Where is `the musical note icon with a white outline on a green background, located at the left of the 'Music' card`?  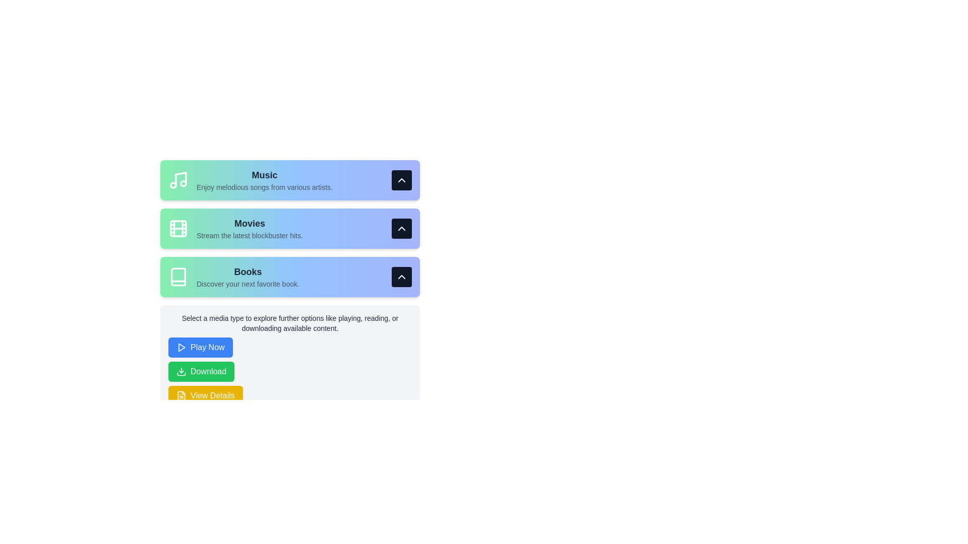 the musical note icon with a white outline on a green background, located at the left of the 'Music' card is located at coordinates (178, 180).